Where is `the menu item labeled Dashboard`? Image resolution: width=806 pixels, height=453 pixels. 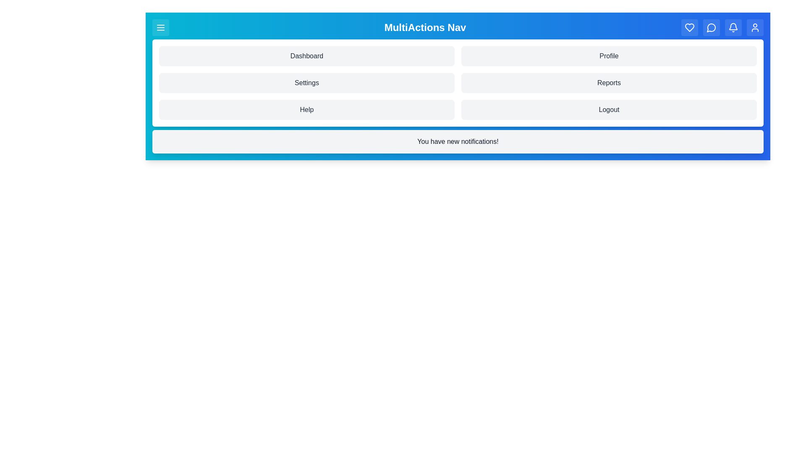 the menu item labeled Dashboard is located at coordinates (306, 56).